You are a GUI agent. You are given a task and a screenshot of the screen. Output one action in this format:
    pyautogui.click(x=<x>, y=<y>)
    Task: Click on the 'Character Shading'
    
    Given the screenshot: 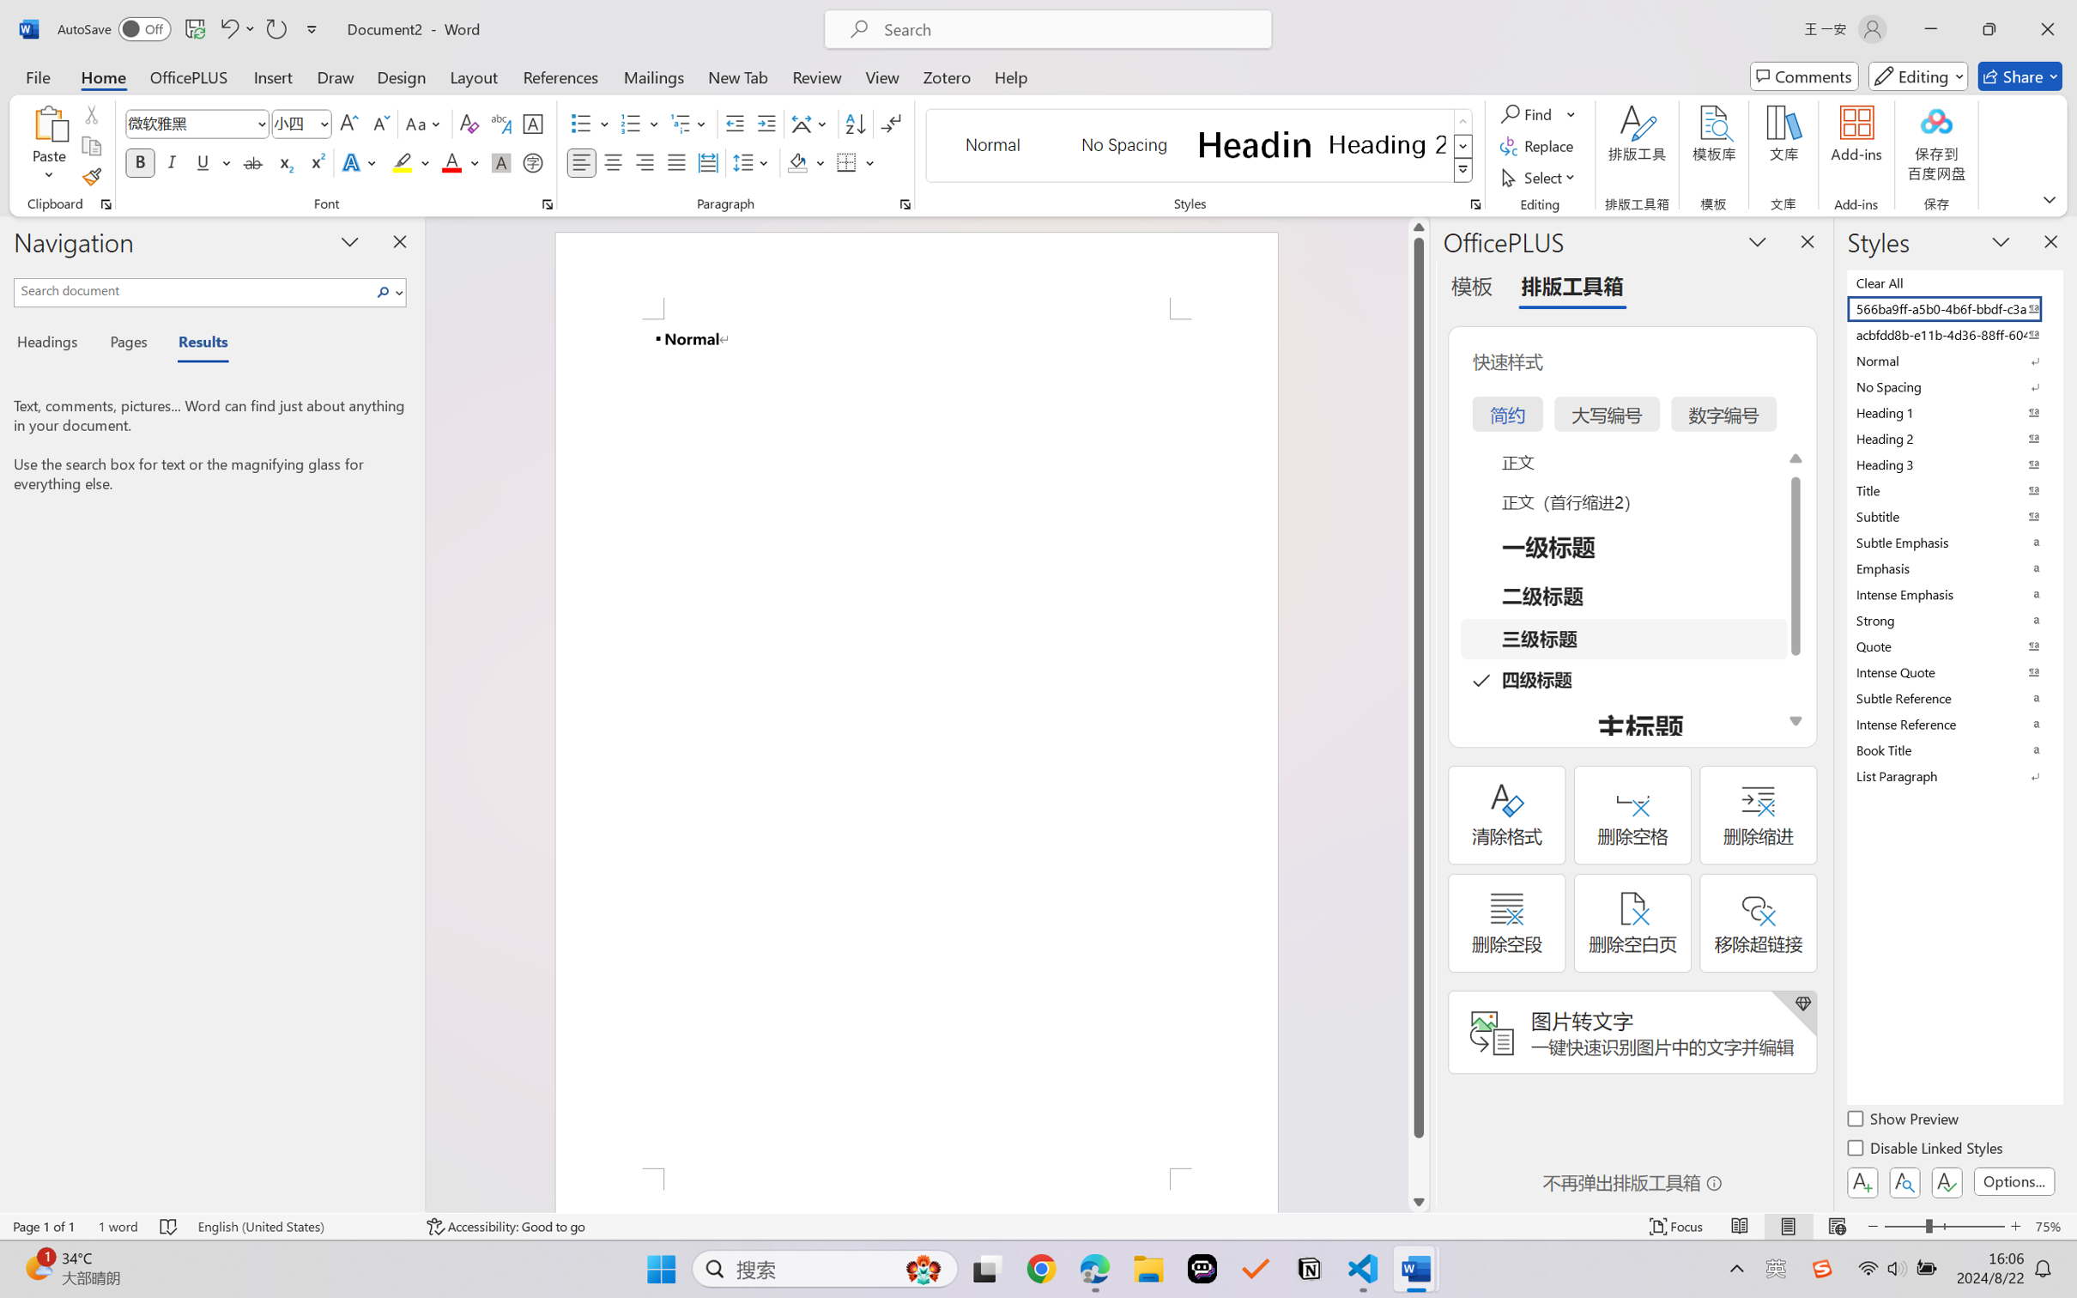 What is the action you would take?
    pyautogui.click(x=499, y=161)
    